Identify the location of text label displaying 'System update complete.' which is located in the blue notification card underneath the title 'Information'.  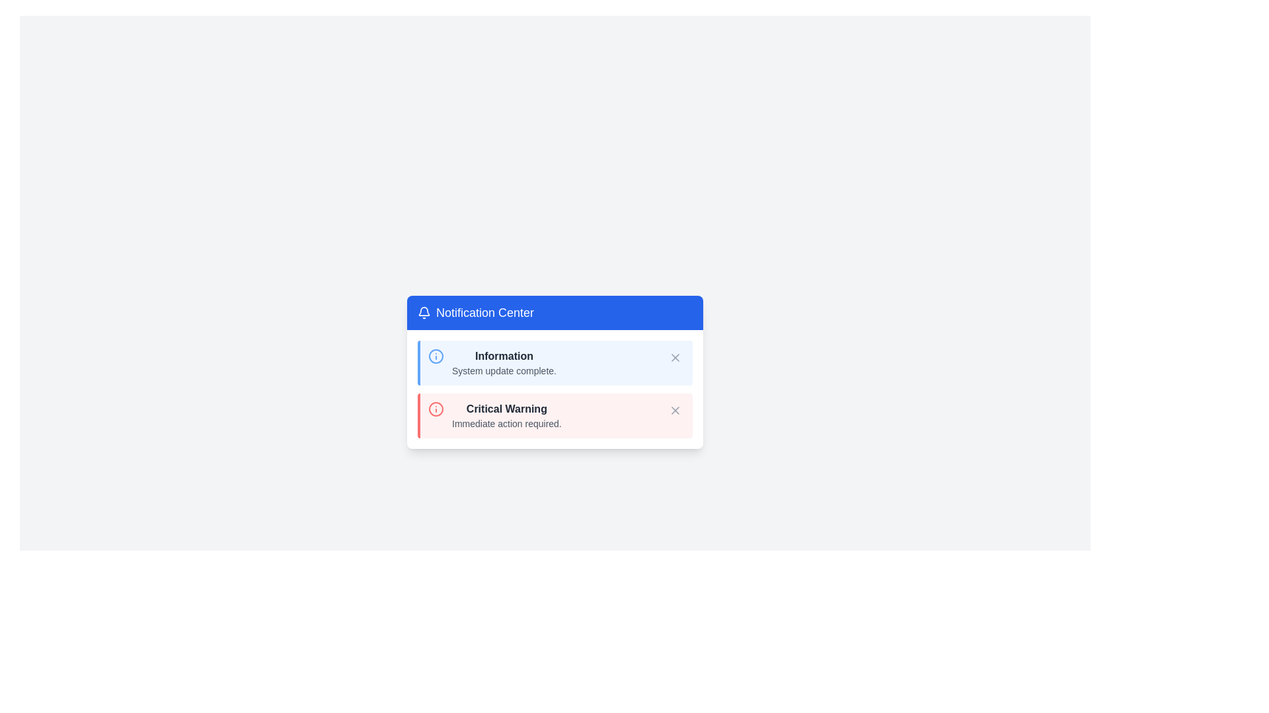
(504, 371).